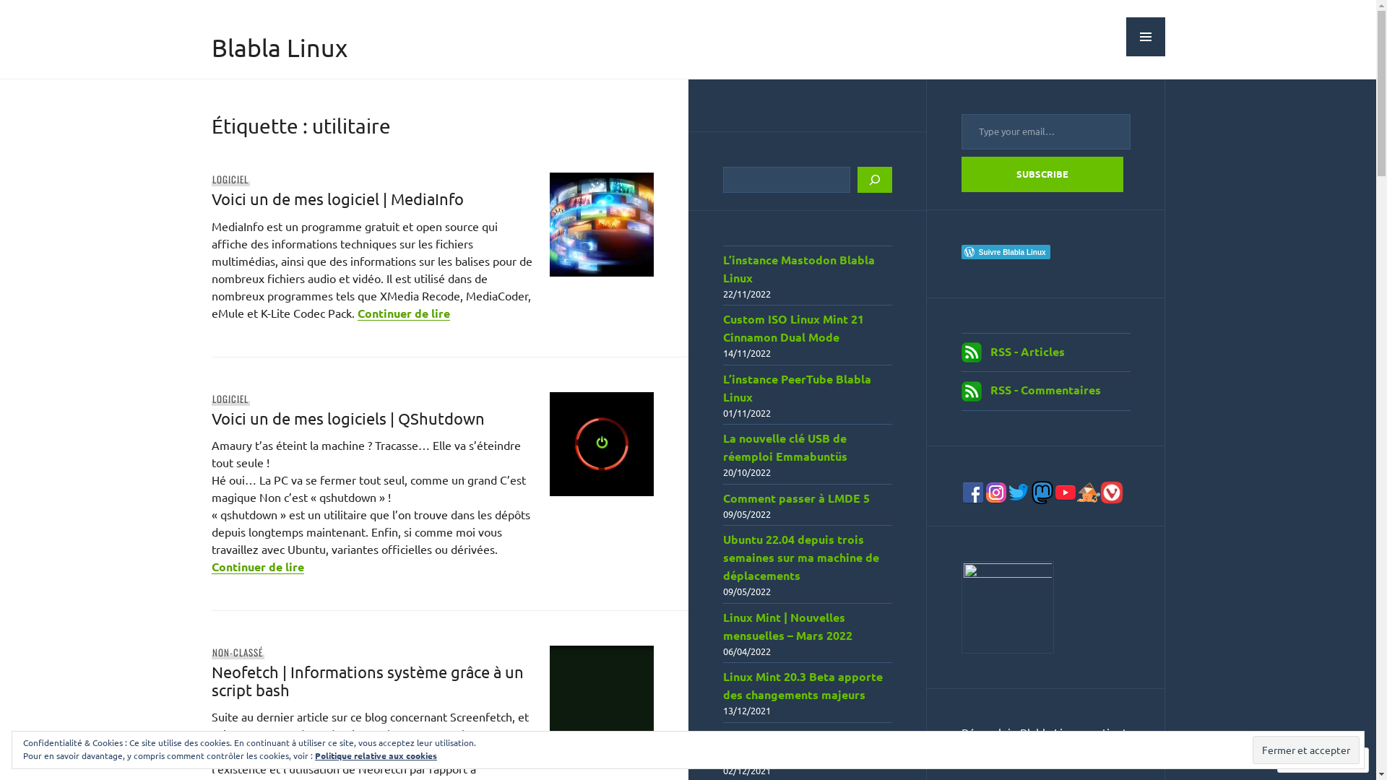 Image resolution: width=1387 pixels, height=780 pixels. I want to click on 'Fermer et accepter', so click(1306, 749).